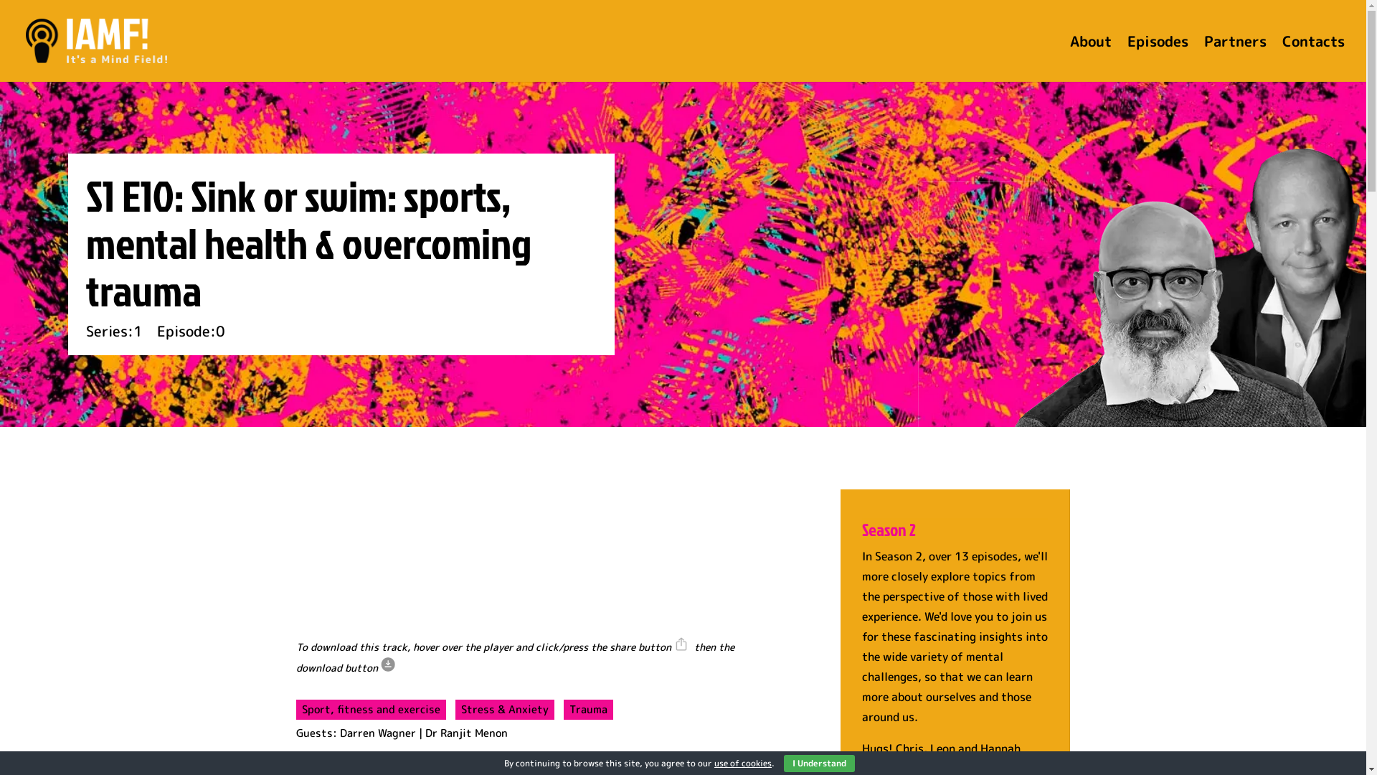 This screenshot has height=775, width=1377. I want to click on 'Contacts', so click(1282, 57).